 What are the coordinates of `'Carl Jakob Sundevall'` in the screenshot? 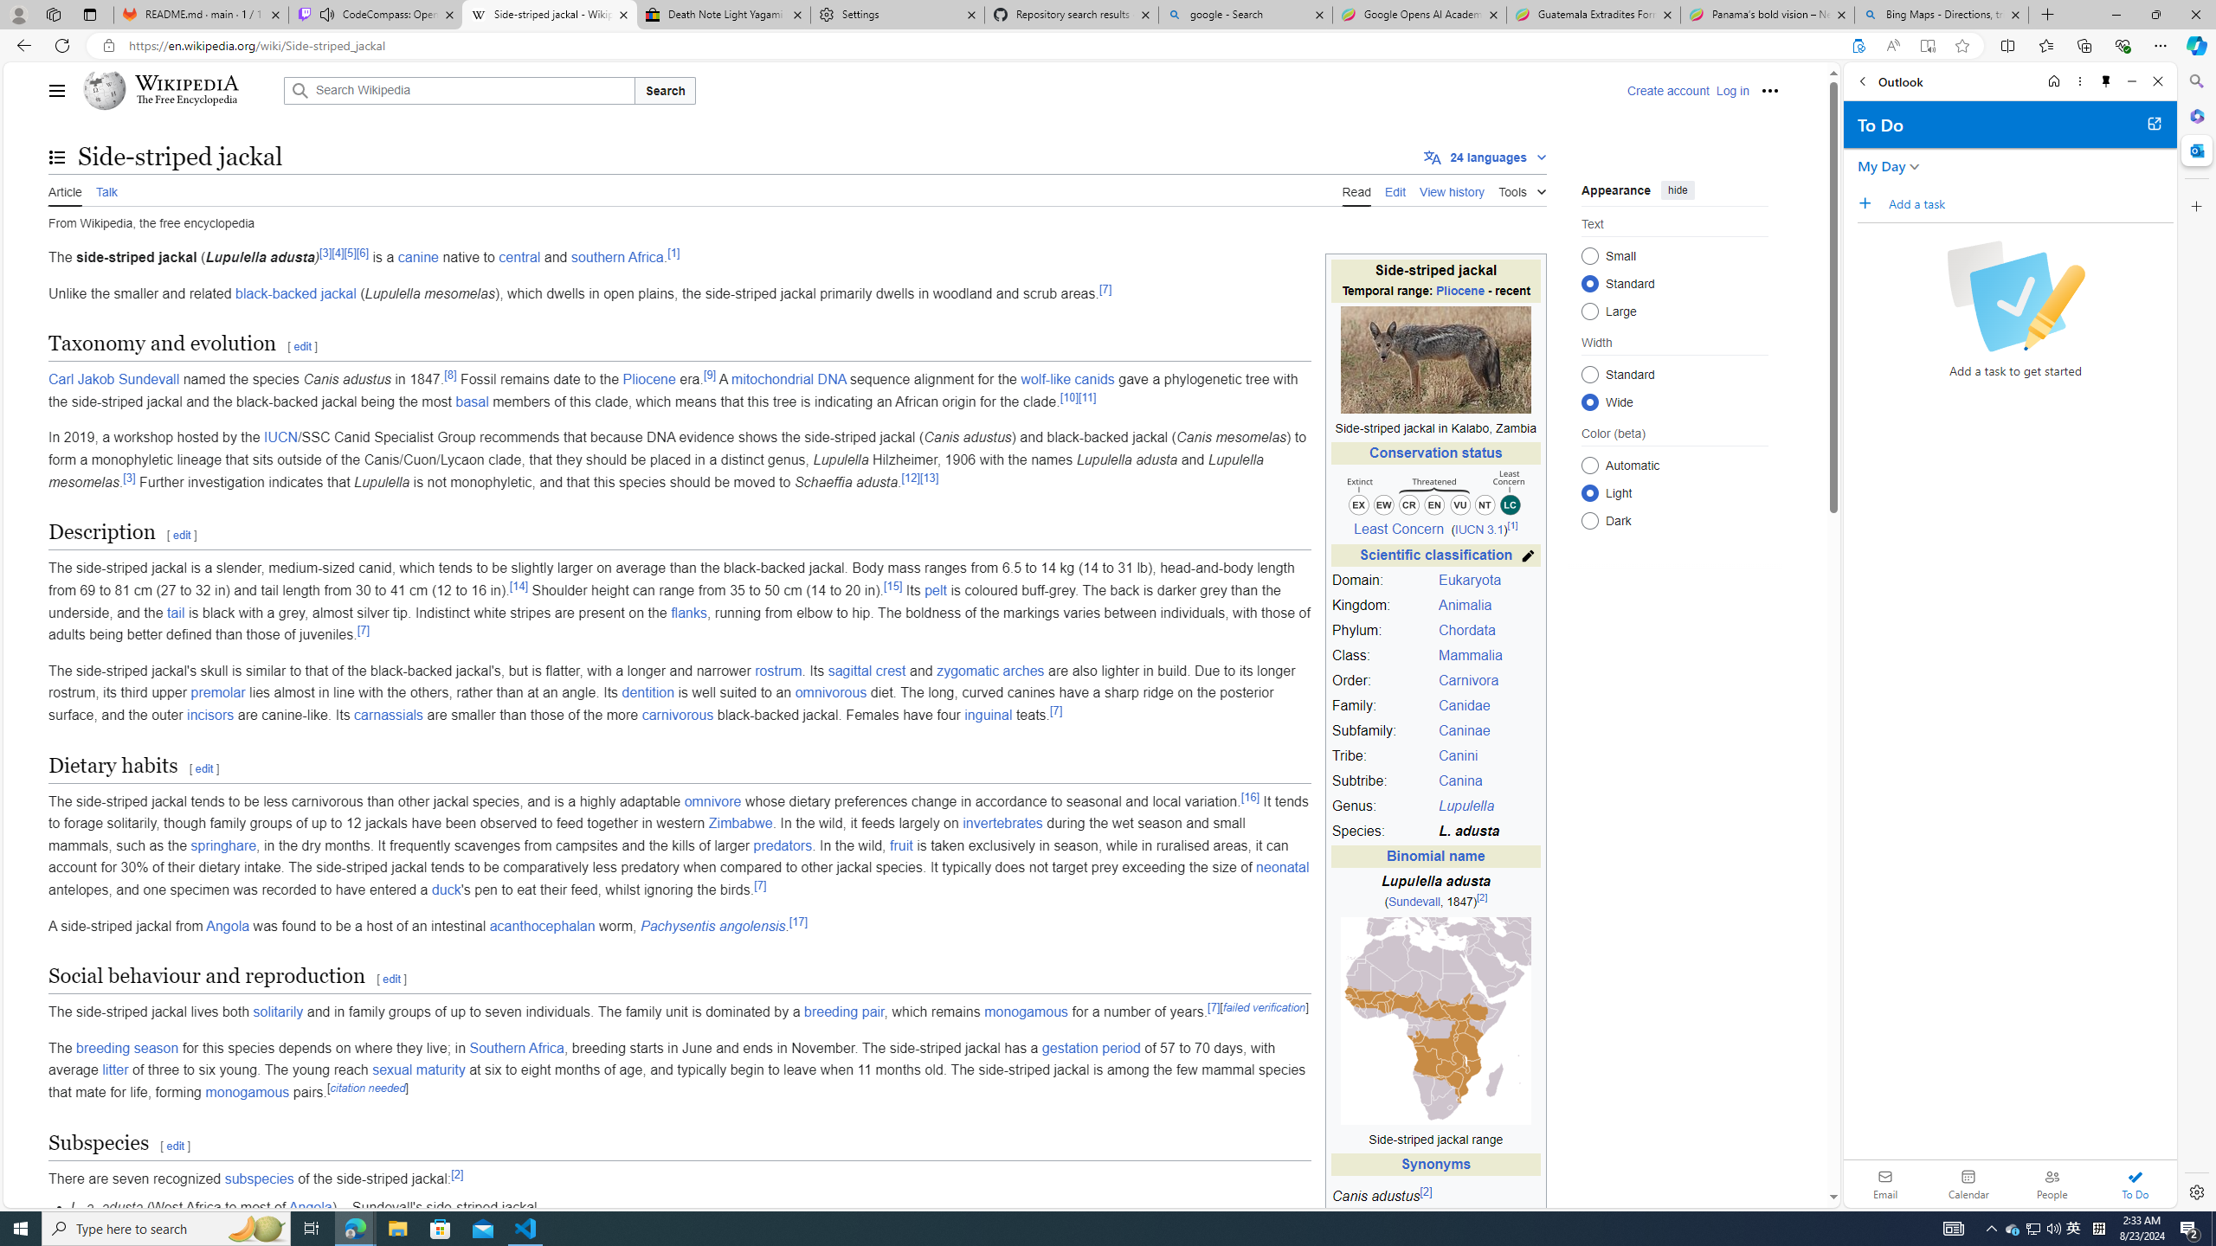 It's located at (113, 379).